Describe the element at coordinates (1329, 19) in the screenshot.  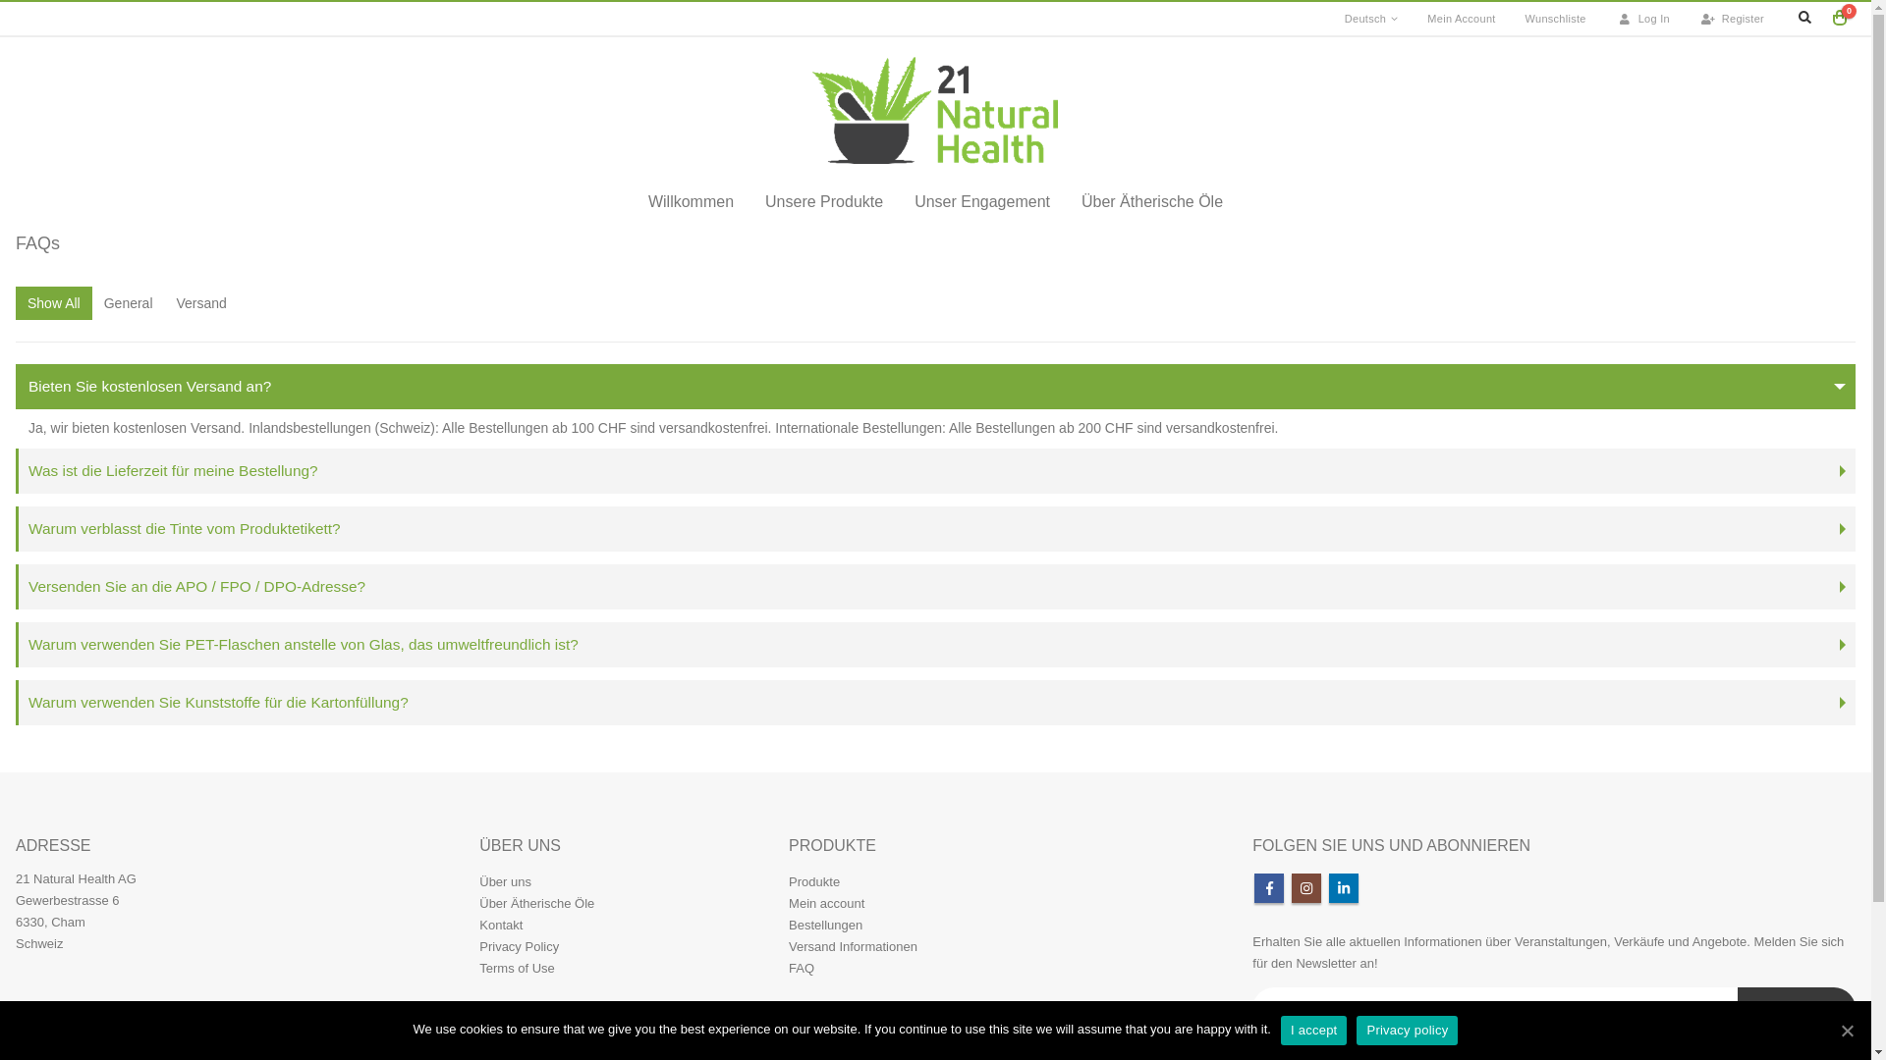
I see `'Deutsch'` at that location.